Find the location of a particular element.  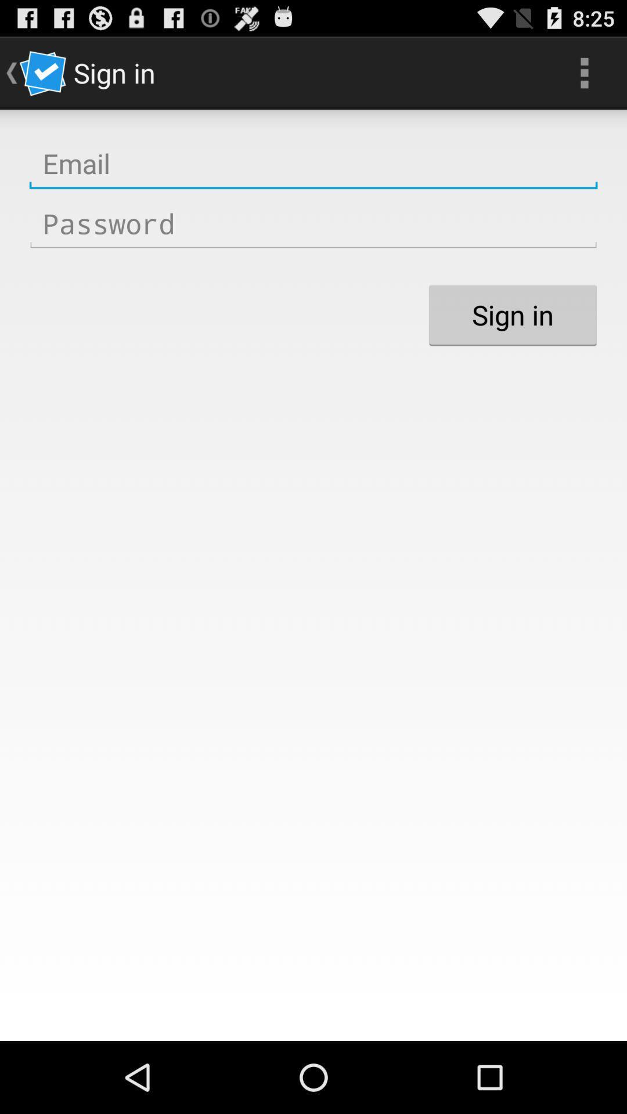

type email is located at coordinates (313, 163).